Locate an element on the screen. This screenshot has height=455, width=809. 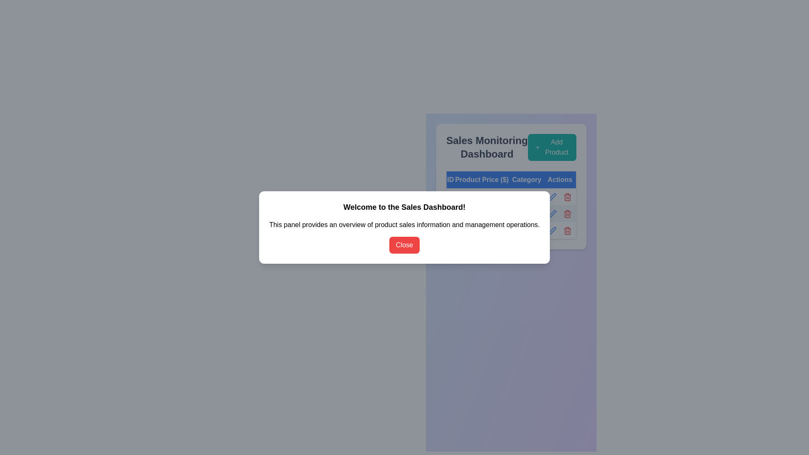
the 'Actions' column header in the Sales Monitoring Dashboard table, which is the last column header indicating buttons or links for actions related to table entries is located at coordinates (560, 179).